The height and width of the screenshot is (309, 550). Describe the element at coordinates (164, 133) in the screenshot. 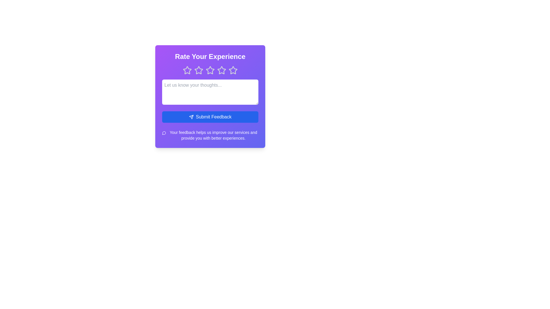

I see `the feedback icon located at the bottom left of the feedback form, adjacent to the message about improving services` at that location.